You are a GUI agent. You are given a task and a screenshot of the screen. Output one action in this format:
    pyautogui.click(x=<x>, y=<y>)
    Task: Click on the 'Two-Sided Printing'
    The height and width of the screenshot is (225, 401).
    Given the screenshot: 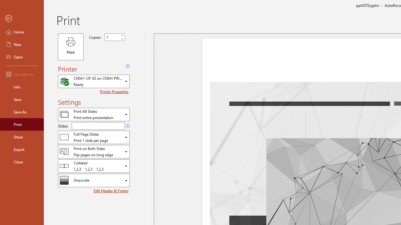 What is the action you would take?
    pyautogui.click(x=93, y=152)
    